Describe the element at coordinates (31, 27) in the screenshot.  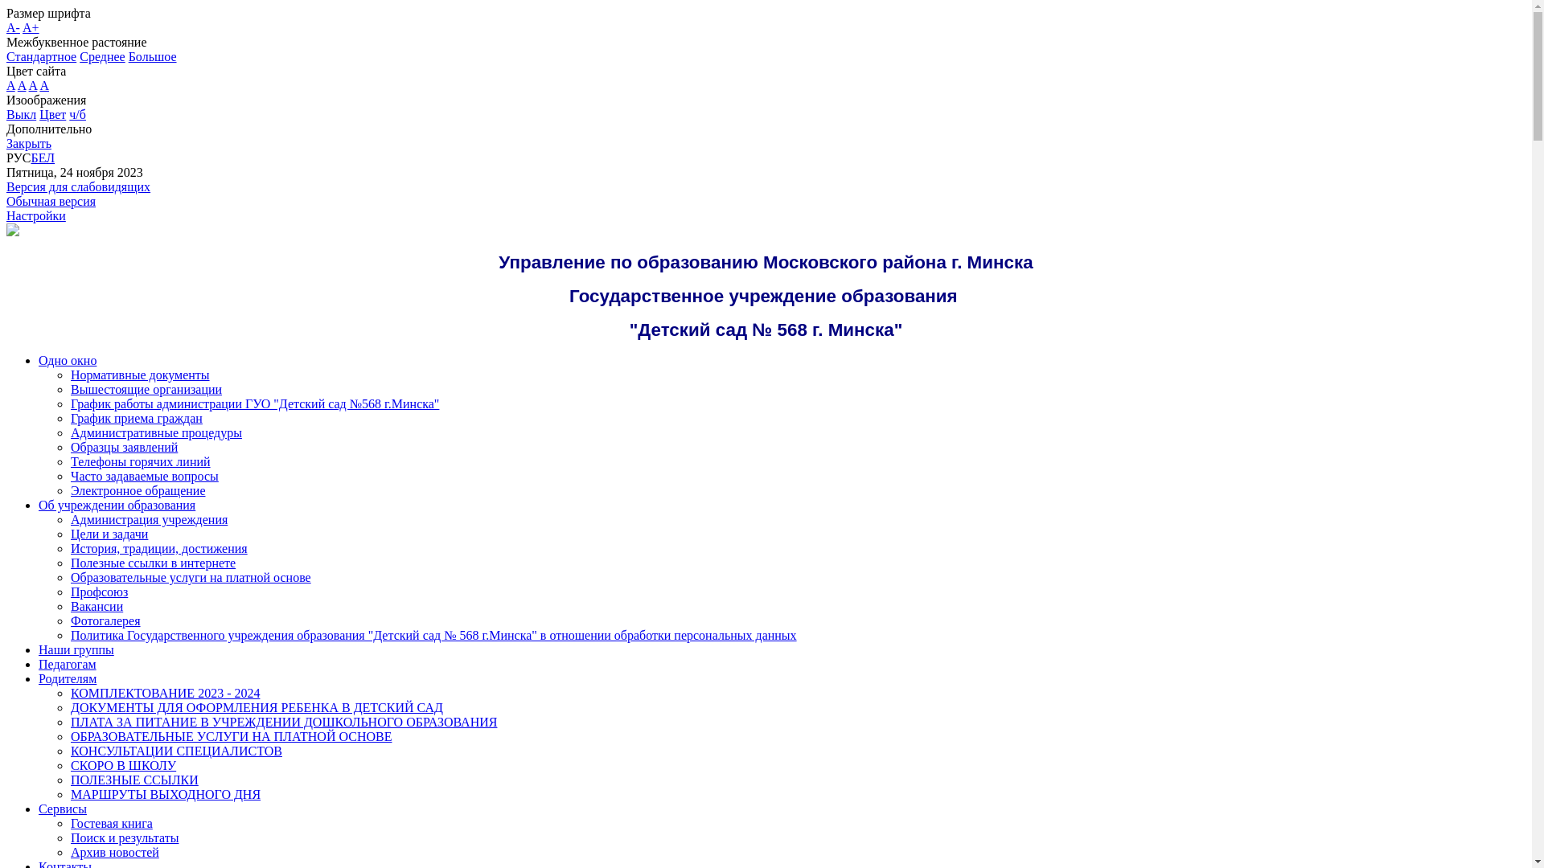
I see `'A+'` at that location.